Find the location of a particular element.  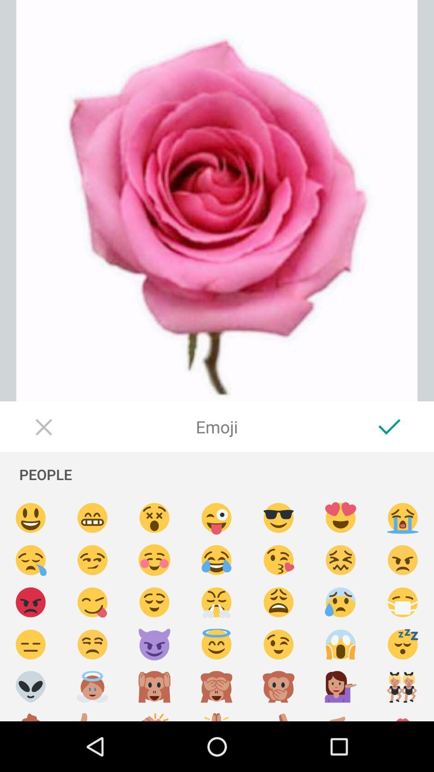

emoji is located at coordinates (278, 560).